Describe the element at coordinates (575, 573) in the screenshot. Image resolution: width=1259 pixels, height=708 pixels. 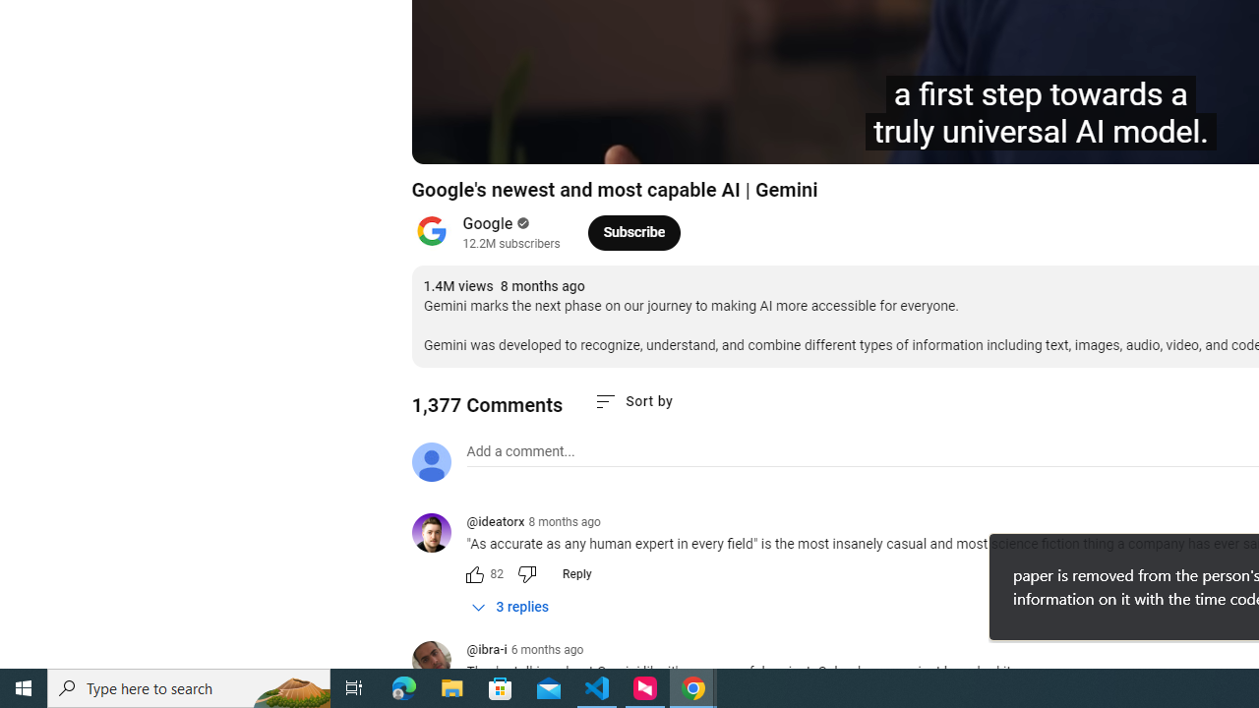
I see `'Reply'` at that location.